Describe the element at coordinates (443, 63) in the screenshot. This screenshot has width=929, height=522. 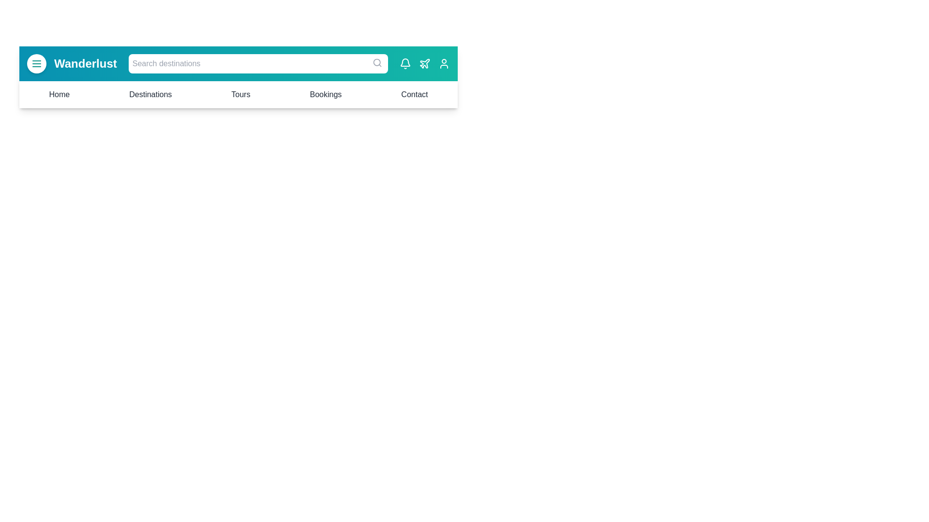
I see `the user icon to access profile settings` at that location.